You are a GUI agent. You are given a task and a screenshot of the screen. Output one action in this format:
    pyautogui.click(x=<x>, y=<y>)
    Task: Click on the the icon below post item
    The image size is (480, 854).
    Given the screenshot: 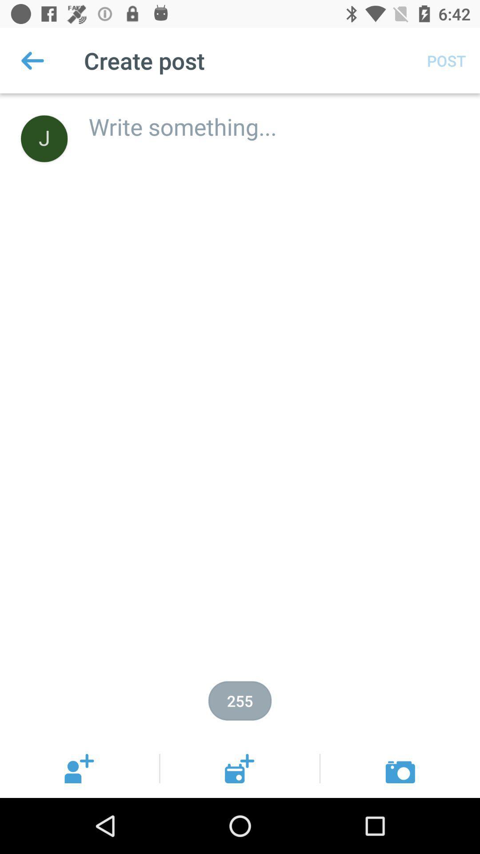 What is the action you would take?
    pyautogui.click(x=274, y=117)
    